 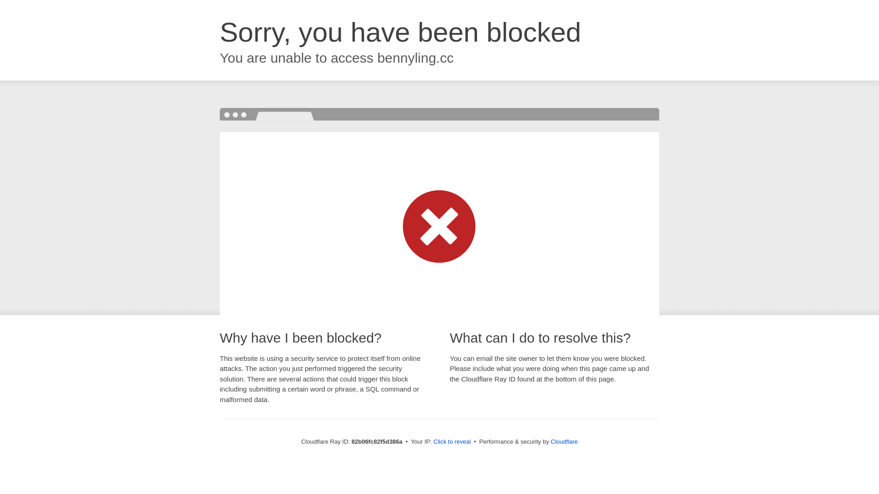 What do you see at coordinates (452, 441) in the screenshot?
I see `'Click to reveal'` at bounding box center [452, 441].